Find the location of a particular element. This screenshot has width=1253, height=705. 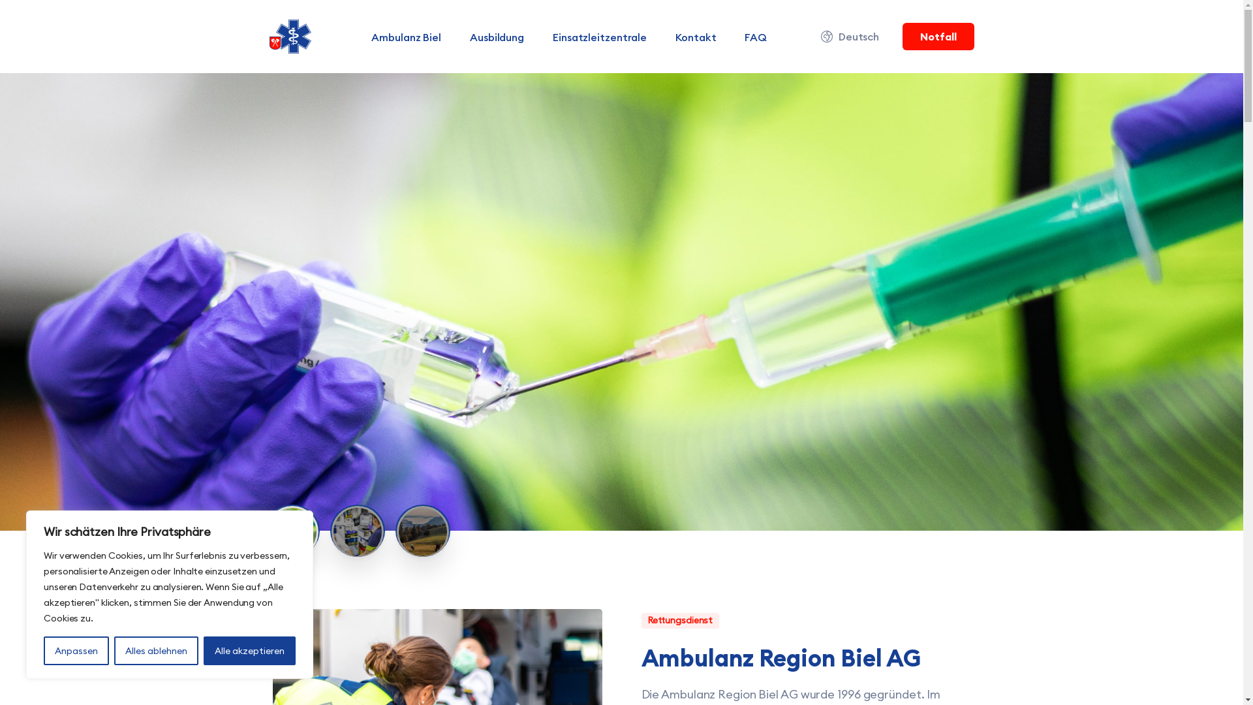

'Einsatzleitzentrale' is located at coordinates (598, 36).